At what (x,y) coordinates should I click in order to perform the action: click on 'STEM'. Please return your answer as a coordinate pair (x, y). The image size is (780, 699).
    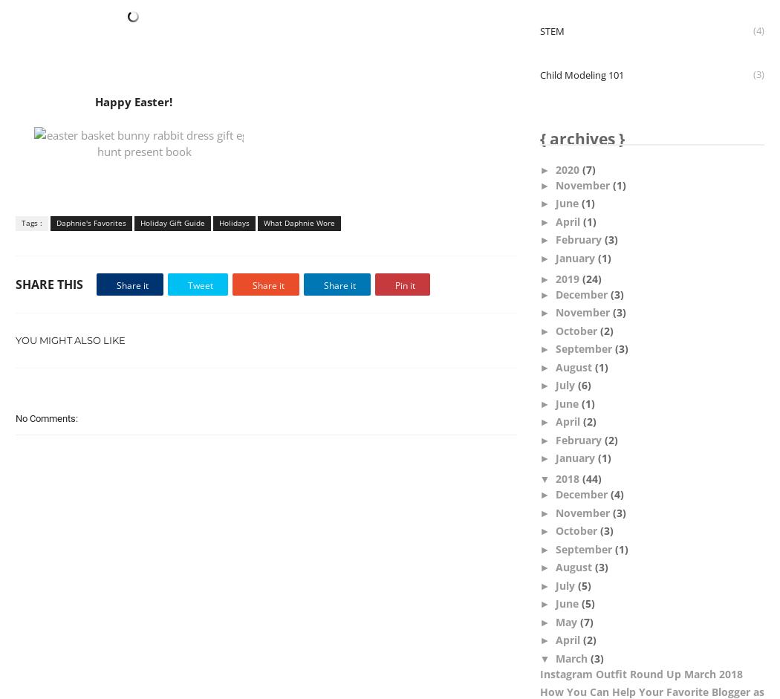
    Looking at the image, I should click on (538, 30).